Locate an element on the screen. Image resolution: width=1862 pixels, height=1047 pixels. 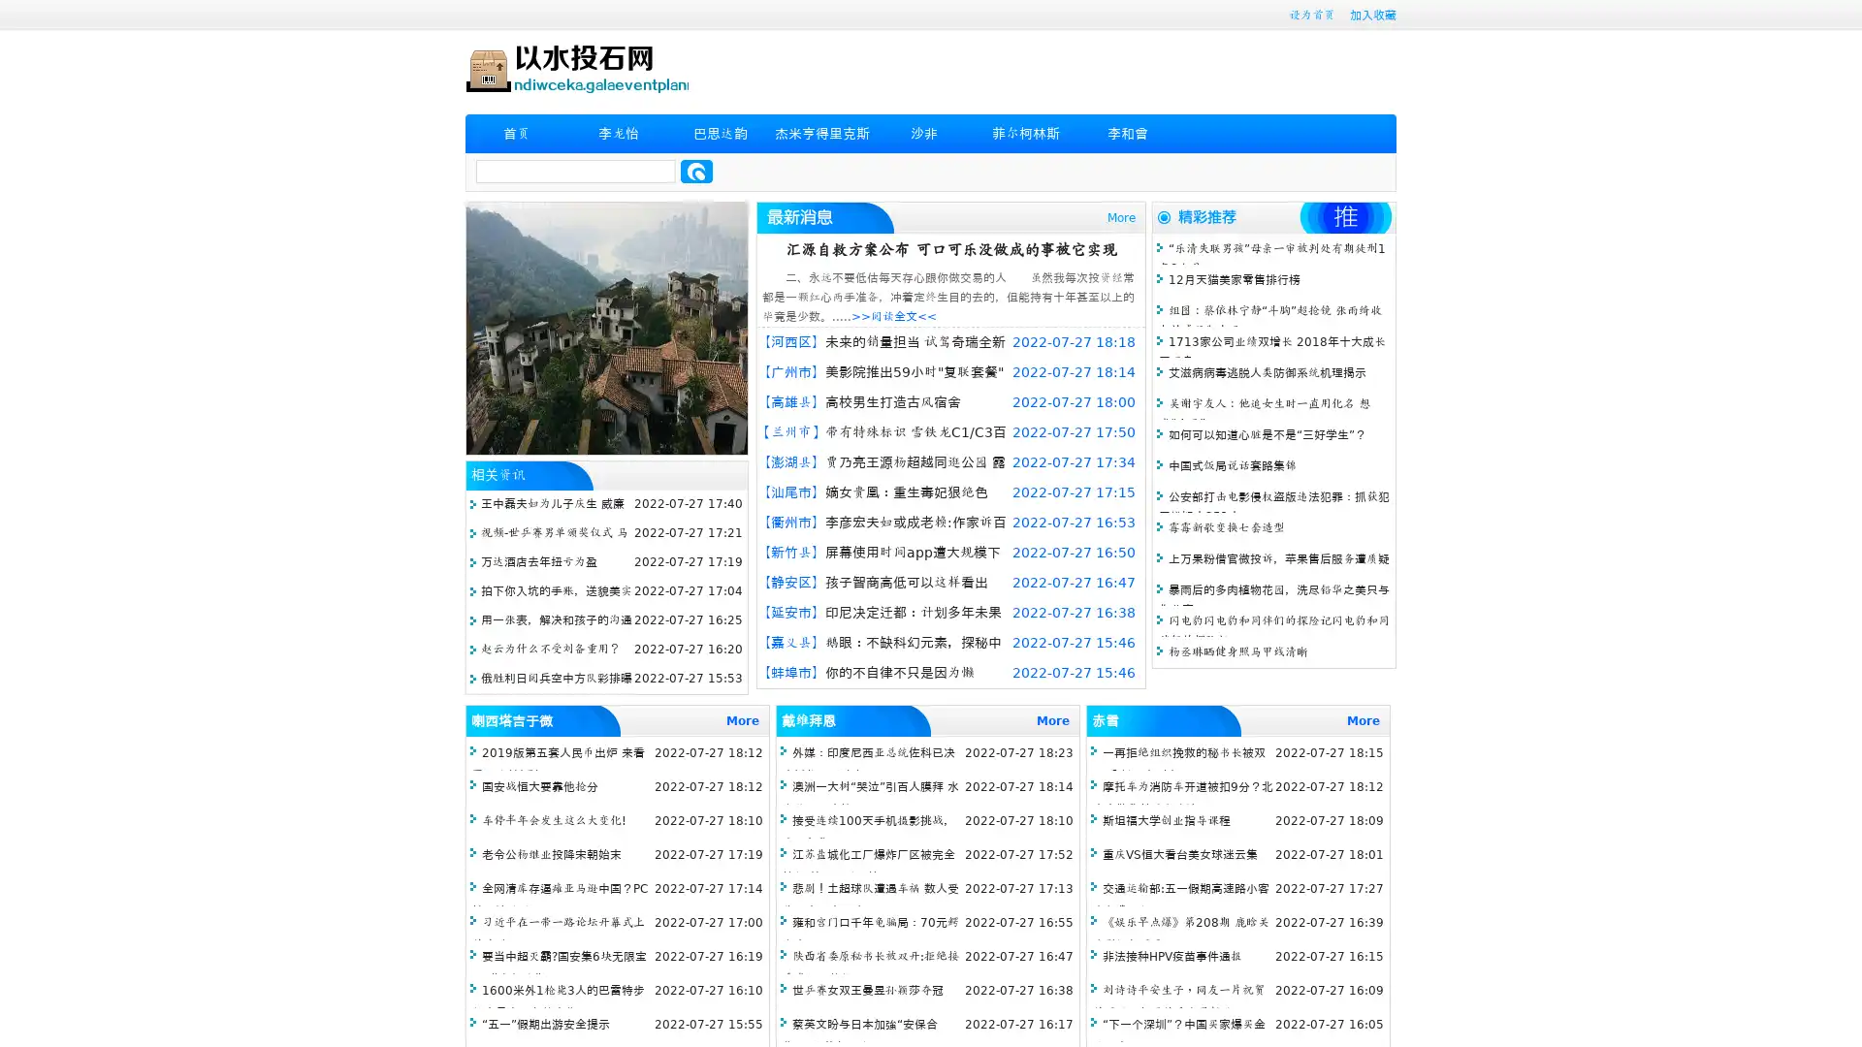
Search is located at coordinates (696, 171).